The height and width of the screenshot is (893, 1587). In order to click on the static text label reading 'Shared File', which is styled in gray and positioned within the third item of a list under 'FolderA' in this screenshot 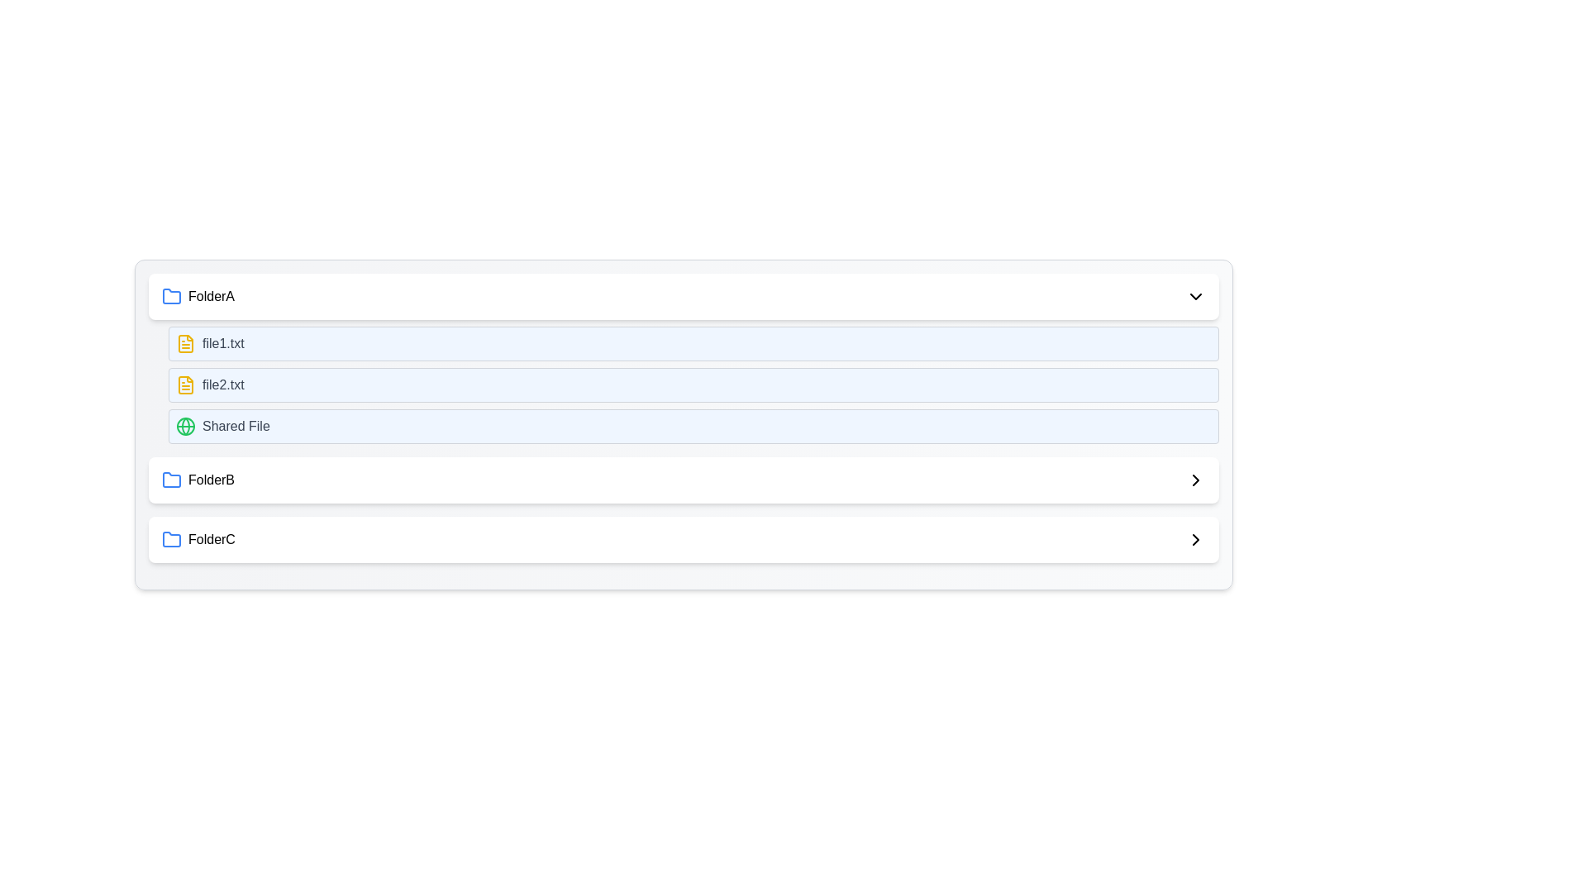, I will do `click(235, 426)`.